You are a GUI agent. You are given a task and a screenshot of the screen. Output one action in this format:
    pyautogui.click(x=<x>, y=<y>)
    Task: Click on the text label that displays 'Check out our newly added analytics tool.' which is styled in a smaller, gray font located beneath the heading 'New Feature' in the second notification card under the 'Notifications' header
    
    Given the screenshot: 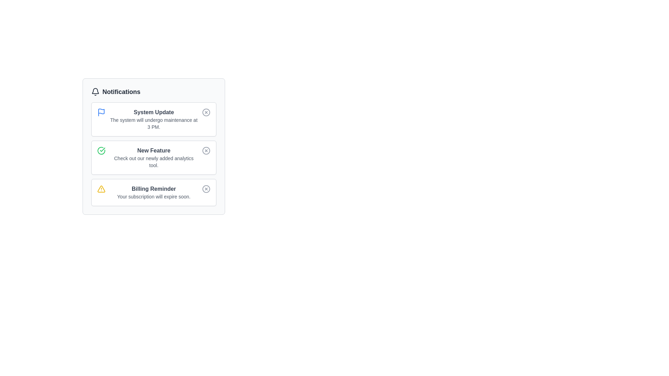 What is the action you would take?
    pyautogui.click(x=153, y=162)
    